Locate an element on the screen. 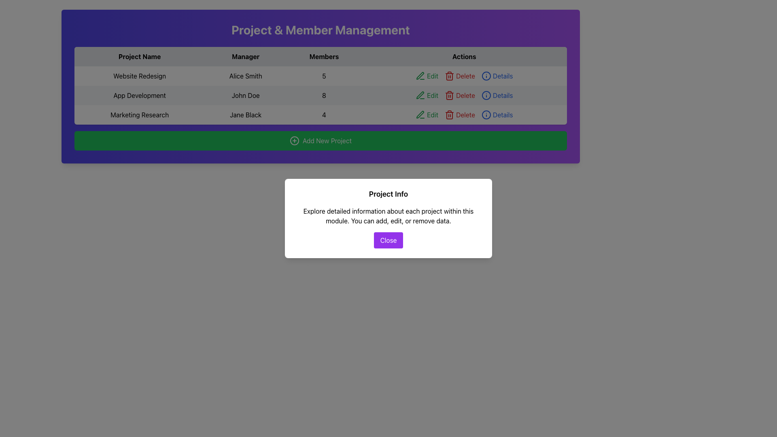 The image size is (777, 437). the informational label displaying the number of members associated with the 'Marketing Research' project in the 'Members' column of the table is located at coordinates (324, 115).